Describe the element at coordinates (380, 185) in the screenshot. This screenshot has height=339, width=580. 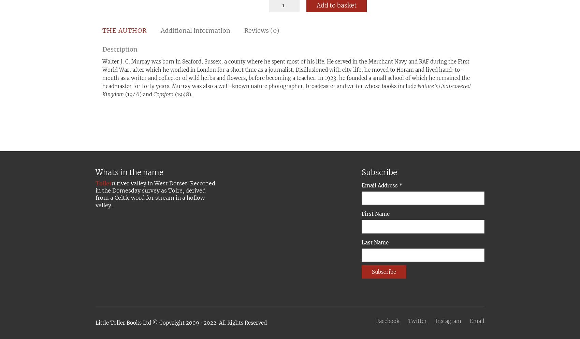
I see `'Email Address'` at that location.